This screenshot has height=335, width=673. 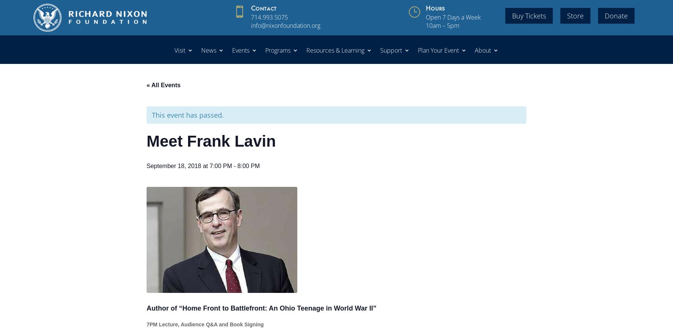 I want to click on 'info@nixonfoundation.org', so click(x=285, y=25).